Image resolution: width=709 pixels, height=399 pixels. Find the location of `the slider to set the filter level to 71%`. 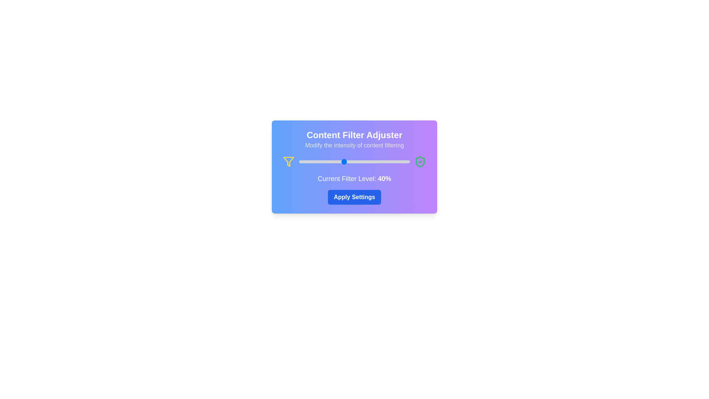

the slider to set the filter level to 71% is located at coordinates (377, 161).